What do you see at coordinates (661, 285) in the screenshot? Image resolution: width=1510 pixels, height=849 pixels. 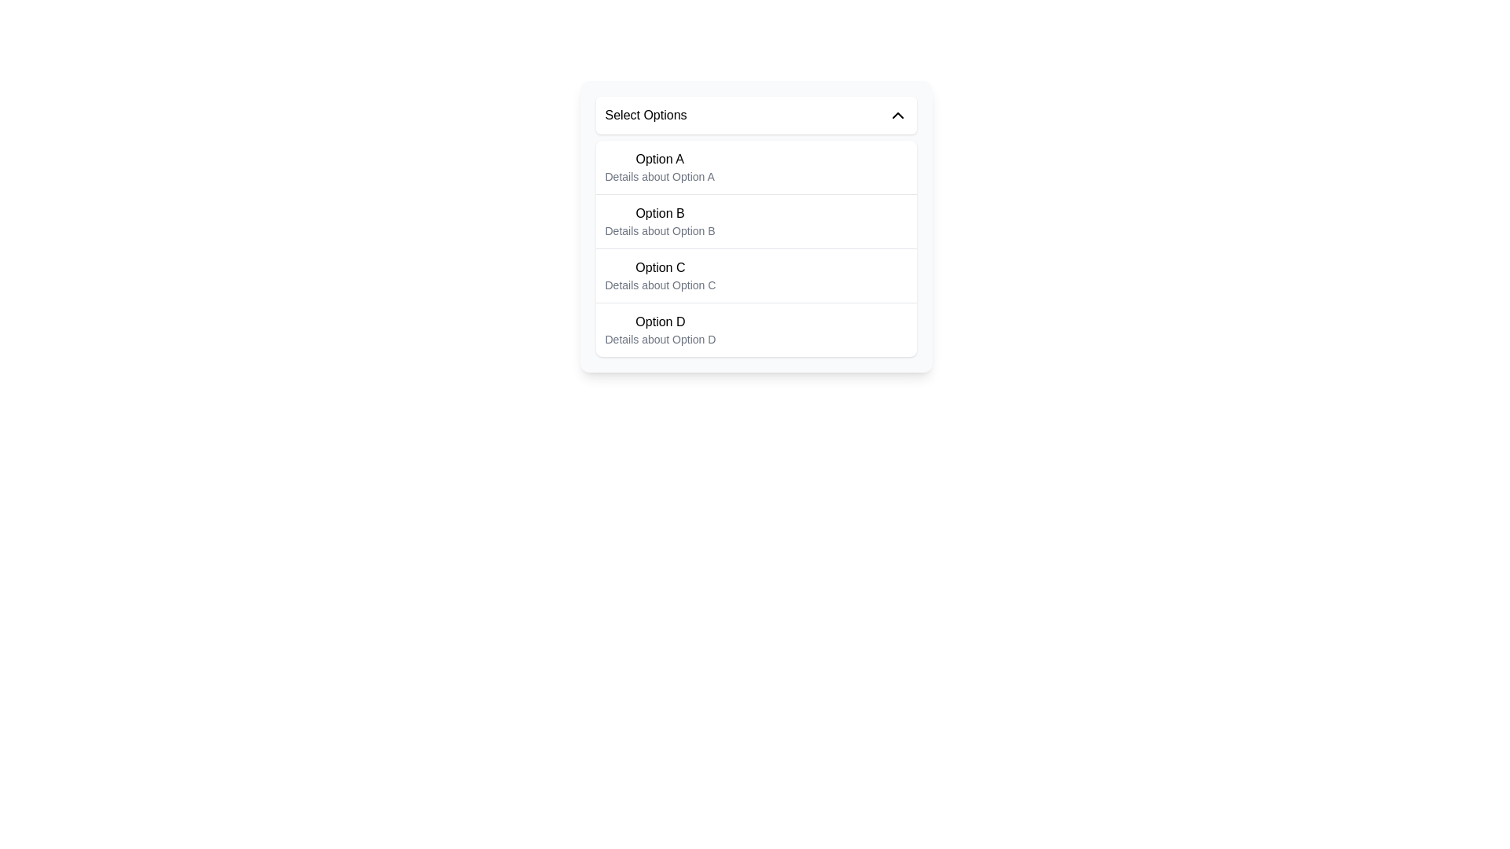 I see `the informational text label located below the 'Option C' text in the dropdown content area under 'Select Options'` at bounding box center [661, 285].